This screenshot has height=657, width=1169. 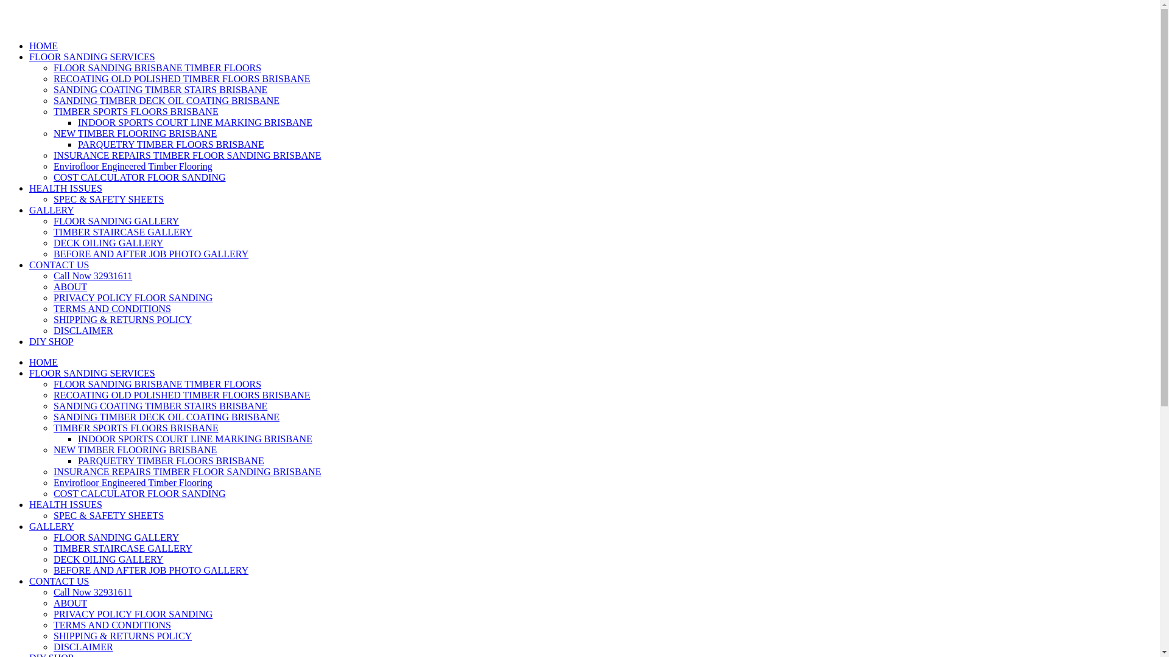 I want to click on 'COST CALCULATOR FLOOR SANDING', so click(x=139, y=493).